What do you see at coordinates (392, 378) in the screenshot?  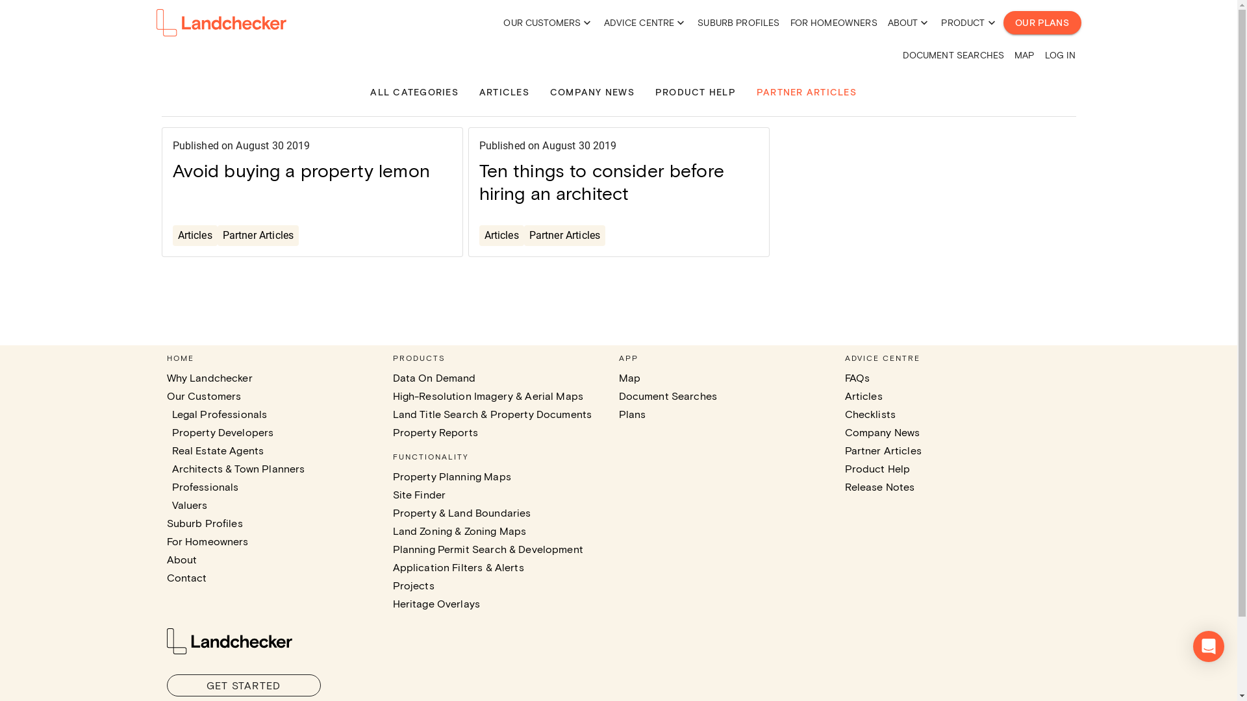 I see `'Data On Demand'` at bounding box center [392, 378].